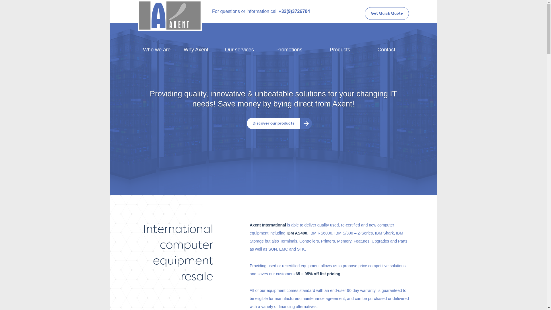 This screenshot has height=310, width=551. What do you see at coordinates (364, 13) in the screenshot?
I see `'Get Quick Quote'` at bounding box center [364, 13].